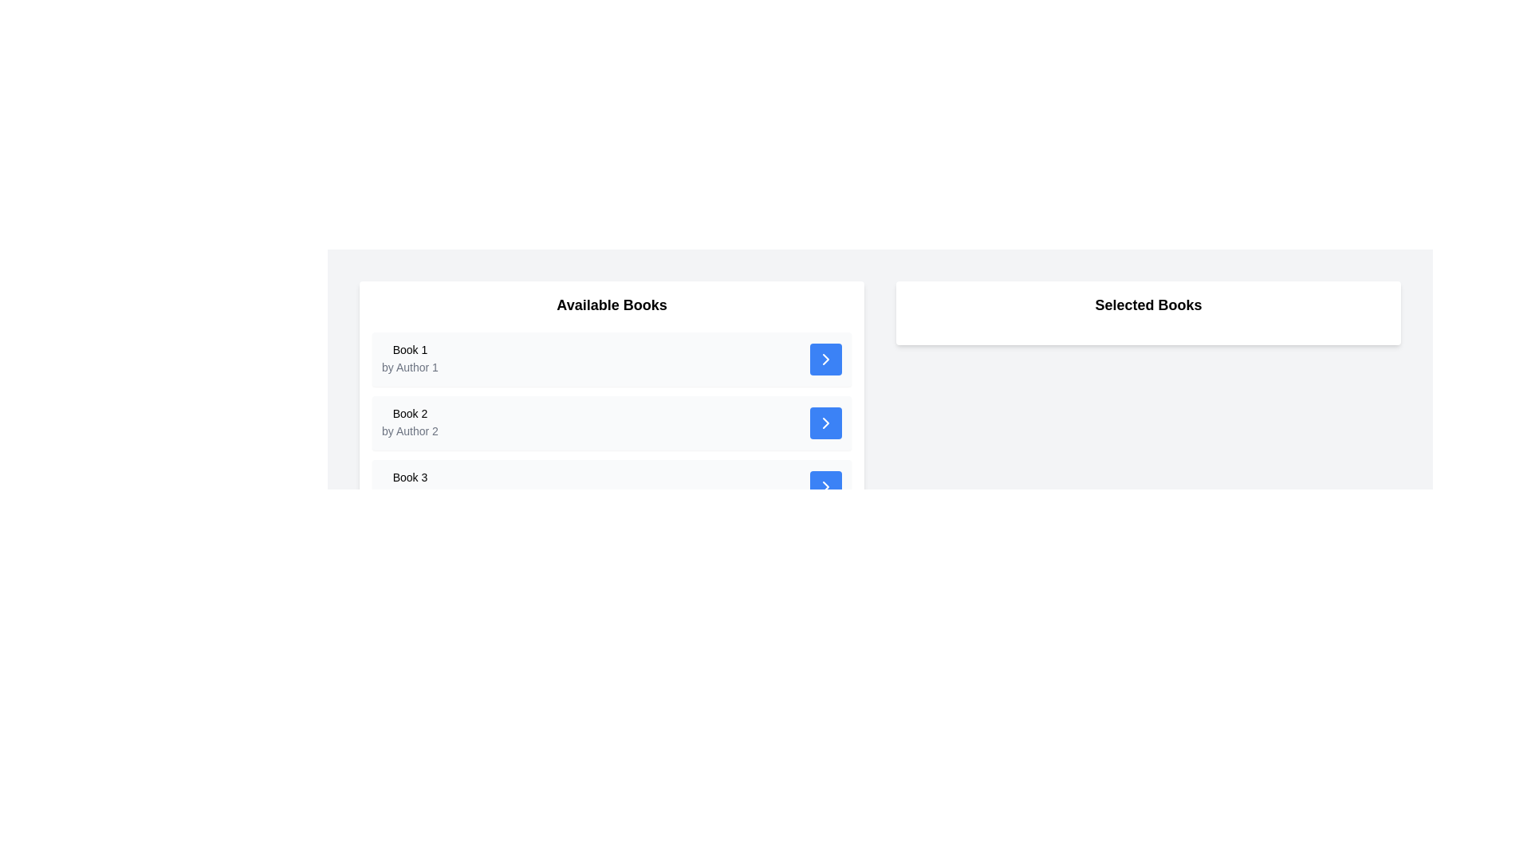  Describe the element at coordinates (826, 360) in the screenshot. I see `the chevron icon within the button that navigates to 'Book 3 by Author 3'` at that location.